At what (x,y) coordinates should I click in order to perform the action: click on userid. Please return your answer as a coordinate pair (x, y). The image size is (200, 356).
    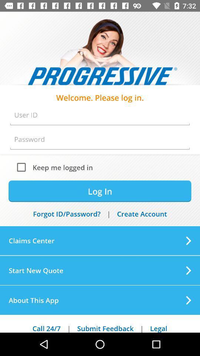
    Looking at the image, I should click on (100, 115).